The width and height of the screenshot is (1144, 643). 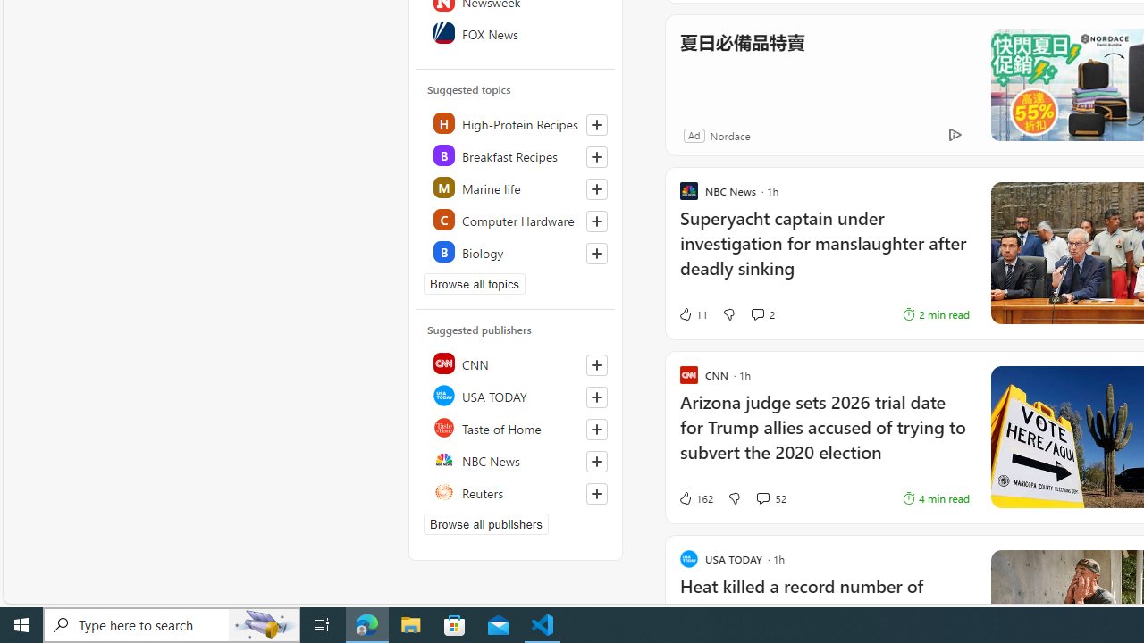 I want to click on 'Follow this topic', so click(x=597, y=254).